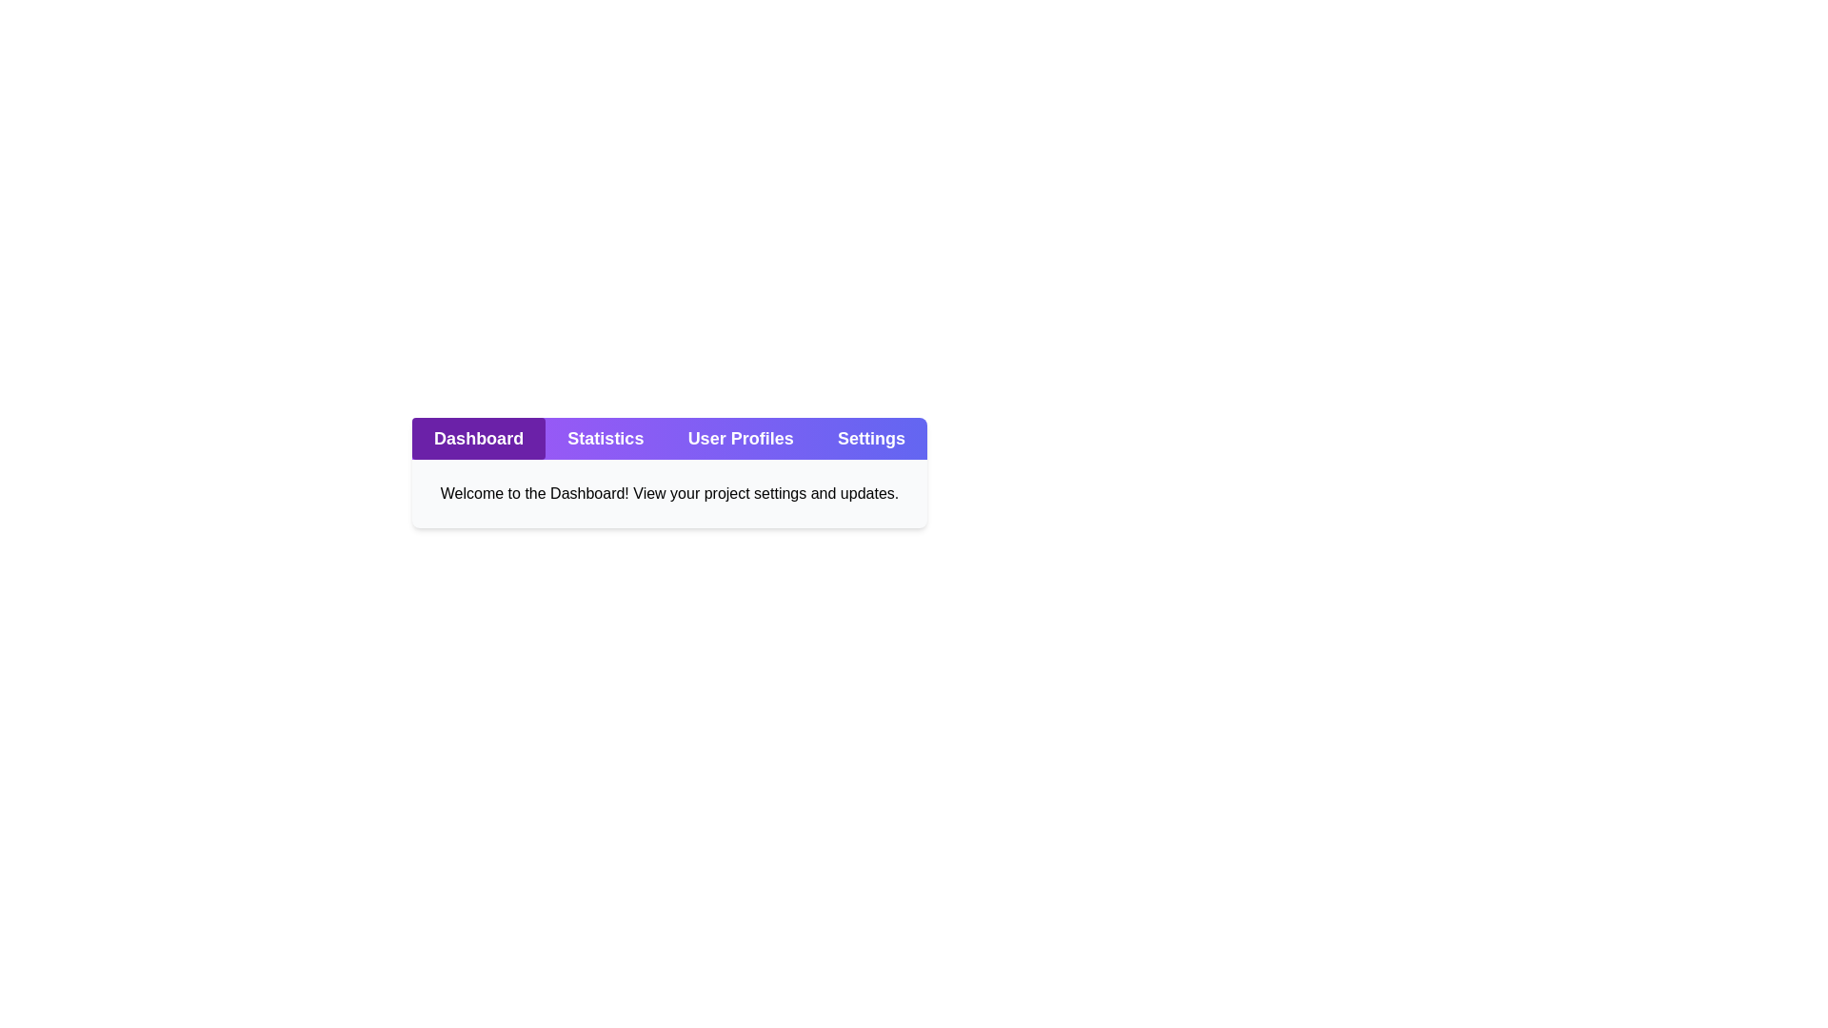 This screenshot has height=1028, width=1828. What do you see at coordinates (605, 439) in the screenshot?
I see `the Statistics tab to view its content` at bounding box center [605, 439].